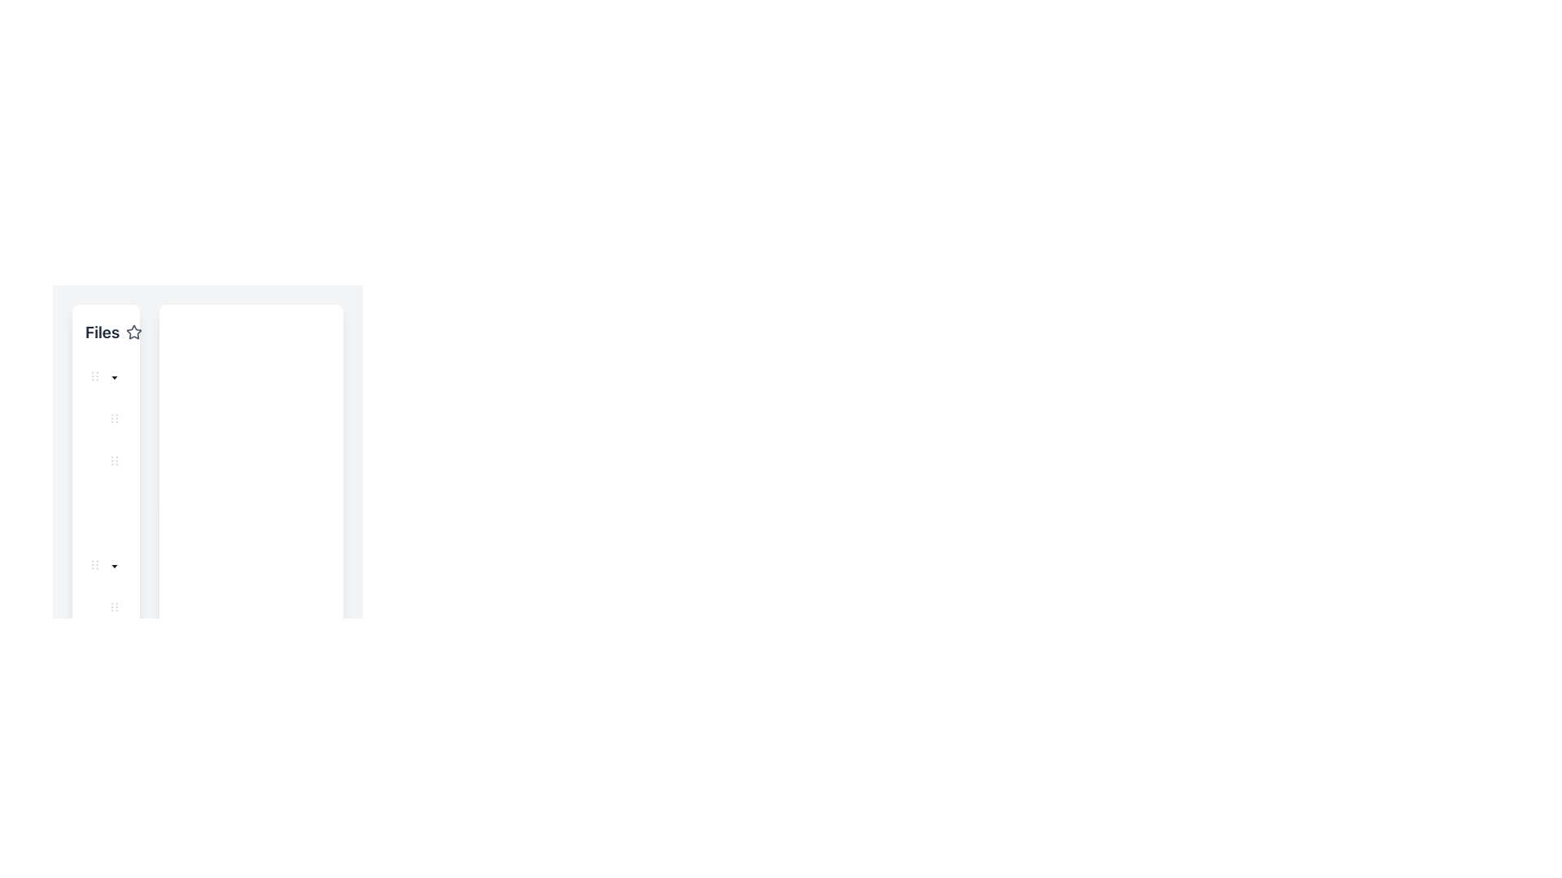 The width and height of the screenshot is (1562, 878). I want to click on the handle located, so click(94, 376).